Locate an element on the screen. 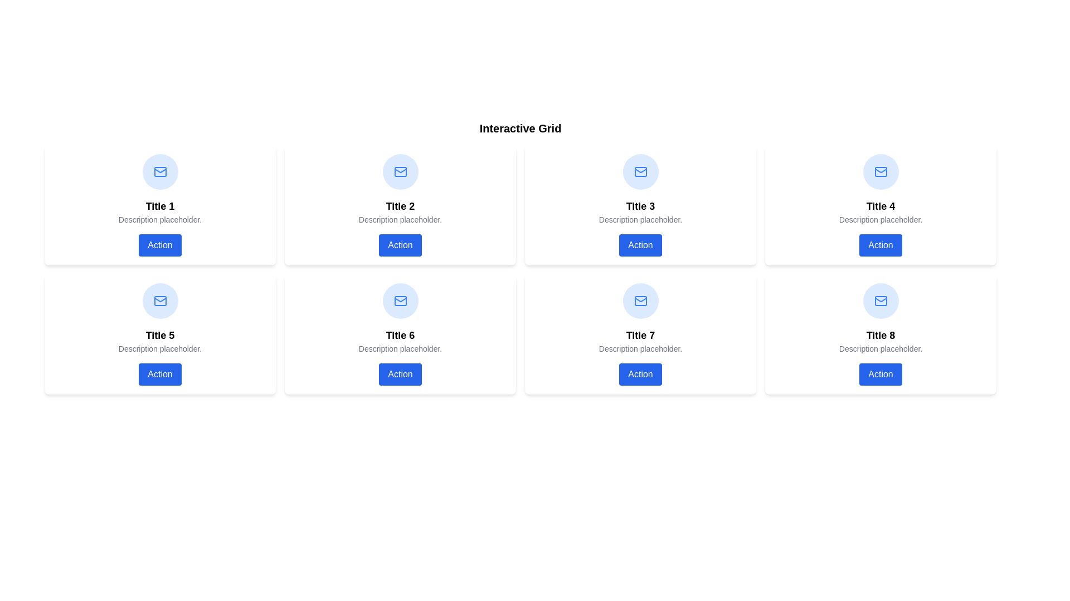  the interactive call-to-action button located at the bottom of the card, which is aligned centrally under the text 'Description placeholder' is located at coordinates (400, 374).